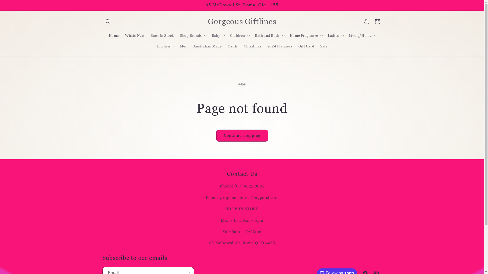 The height and width of the screenshot is (274, 488). What do you see at coordinates (162, 35) in the screenshot?
I see `'Back In Stock'` at bounding box center [162, 35].